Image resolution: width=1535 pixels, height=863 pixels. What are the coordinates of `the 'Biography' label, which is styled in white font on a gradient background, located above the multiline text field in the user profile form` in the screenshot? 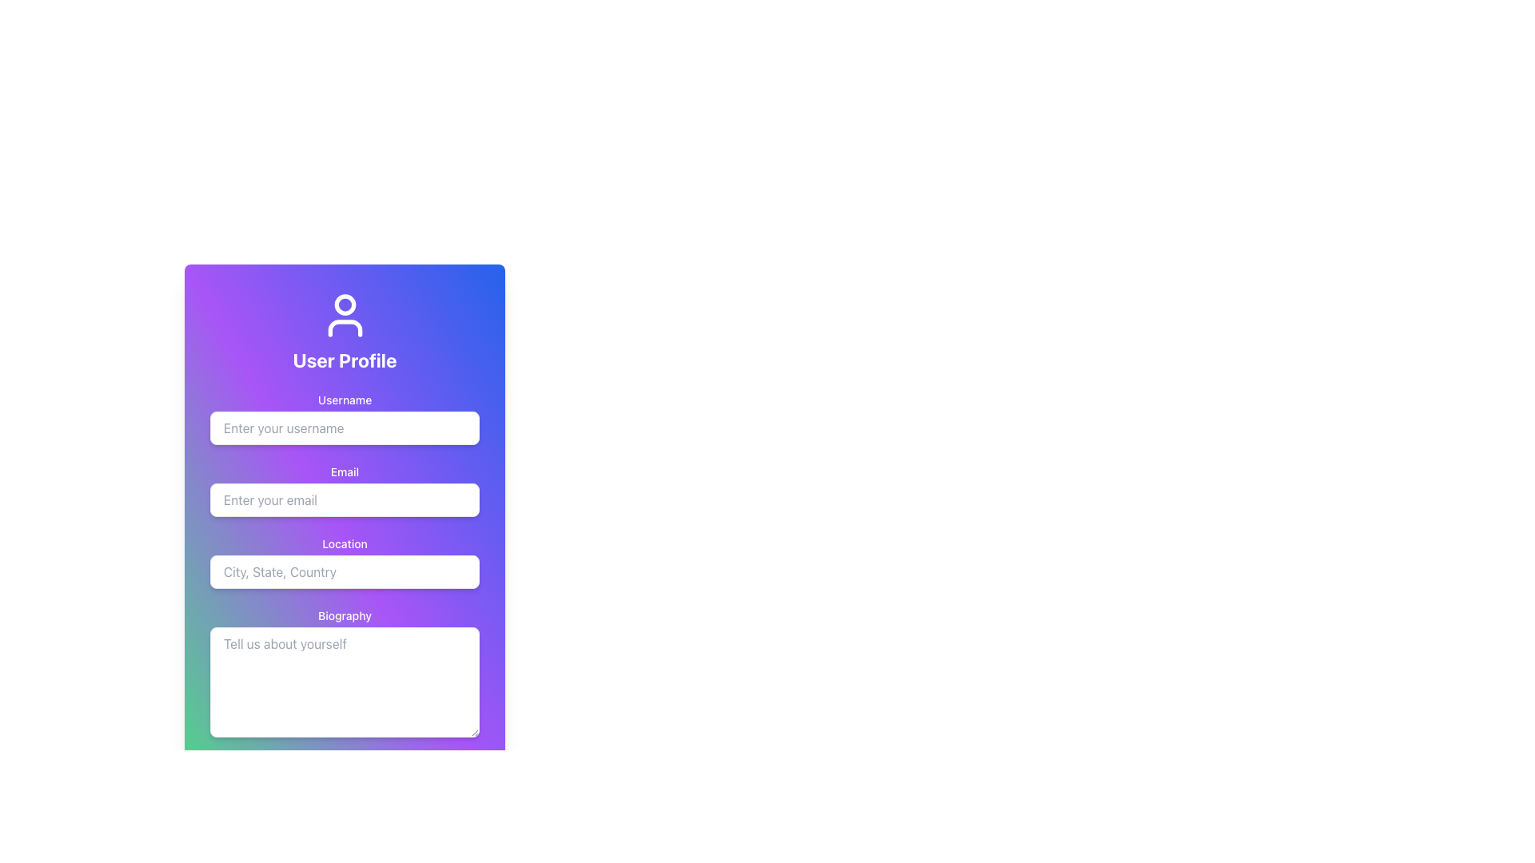 It's located at (344, 615).